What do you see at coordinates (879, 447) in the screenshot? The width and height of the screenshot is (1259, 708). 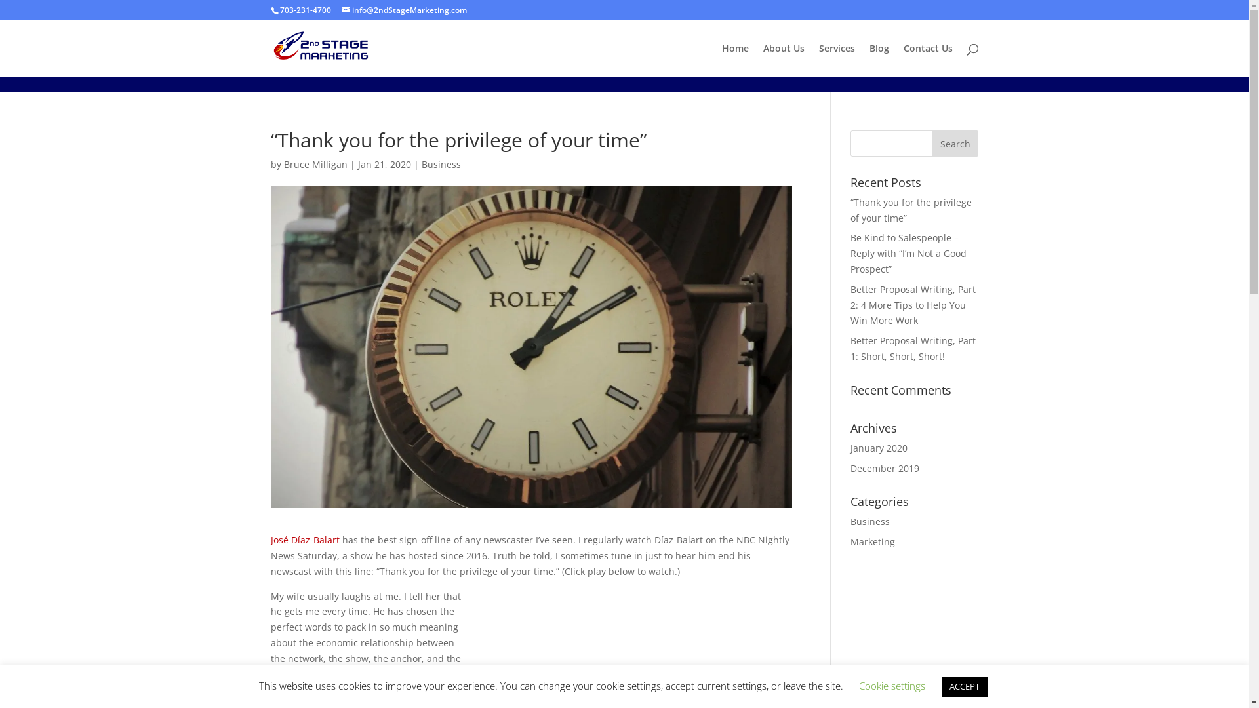 I see `'January 2020'` at bounding box center [879, 447].